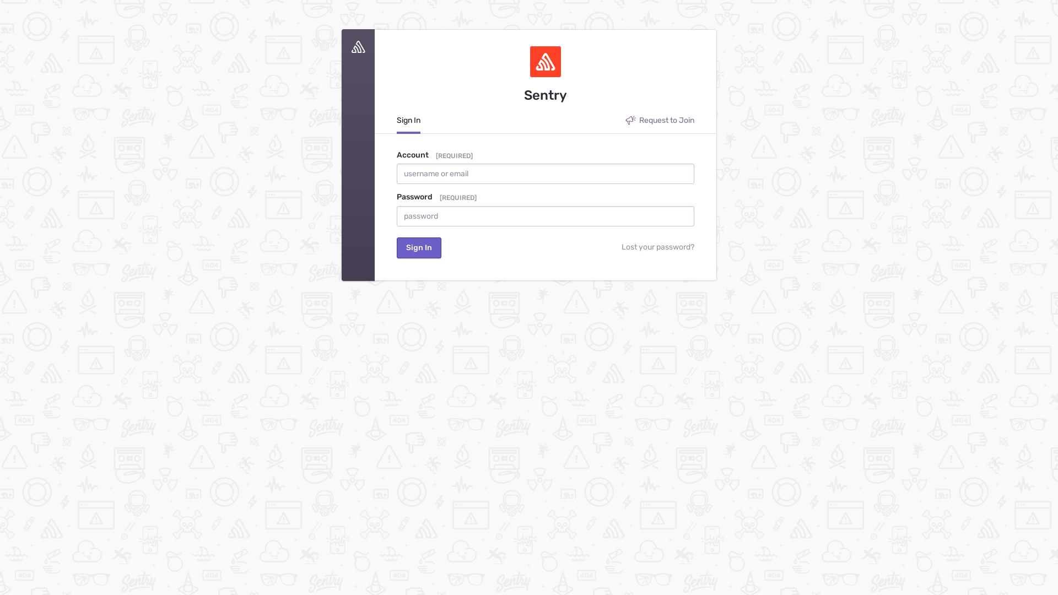  Describe the element at coordinates (625, 123) in the screenshot. I see `'Request to Join'` at that location.